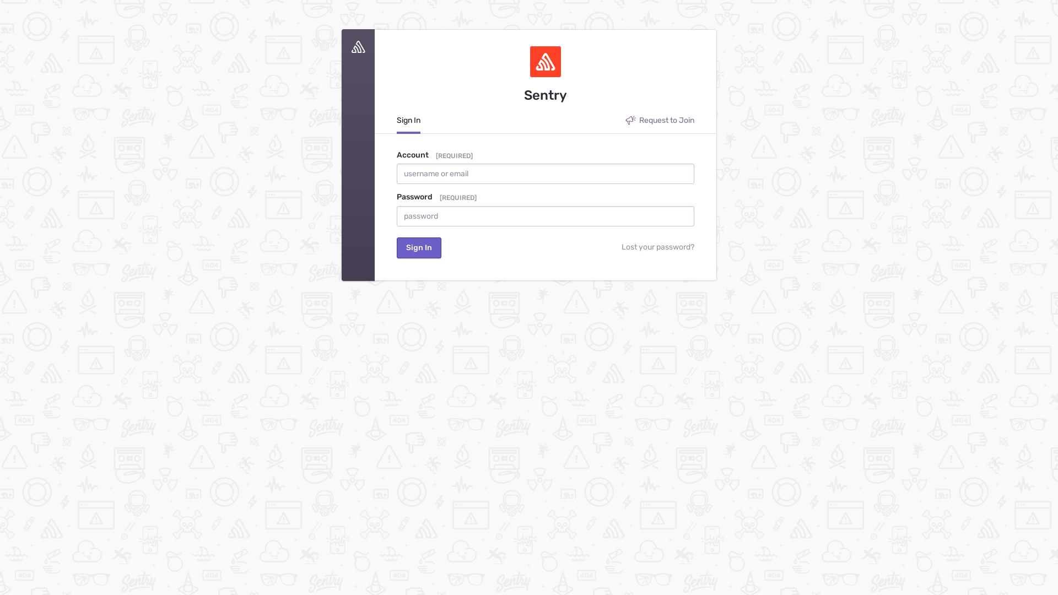  Describe the element at coordinates (625, 123) in the screenshot. I see `'Request to Join'` at that location.